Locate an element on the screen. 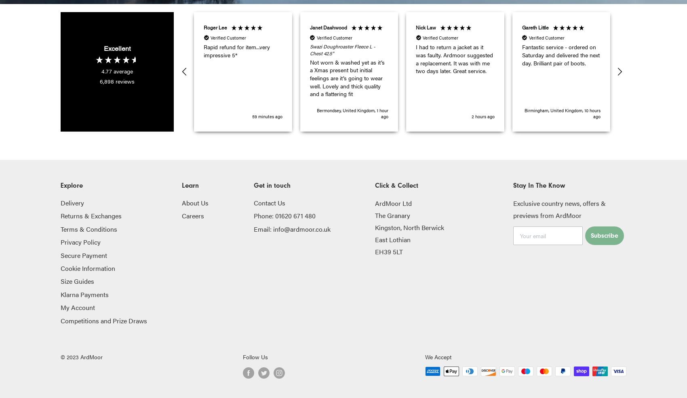 This screenshot has height=398, width=687. 'East Lothian' is located at coordinates (392, 239).